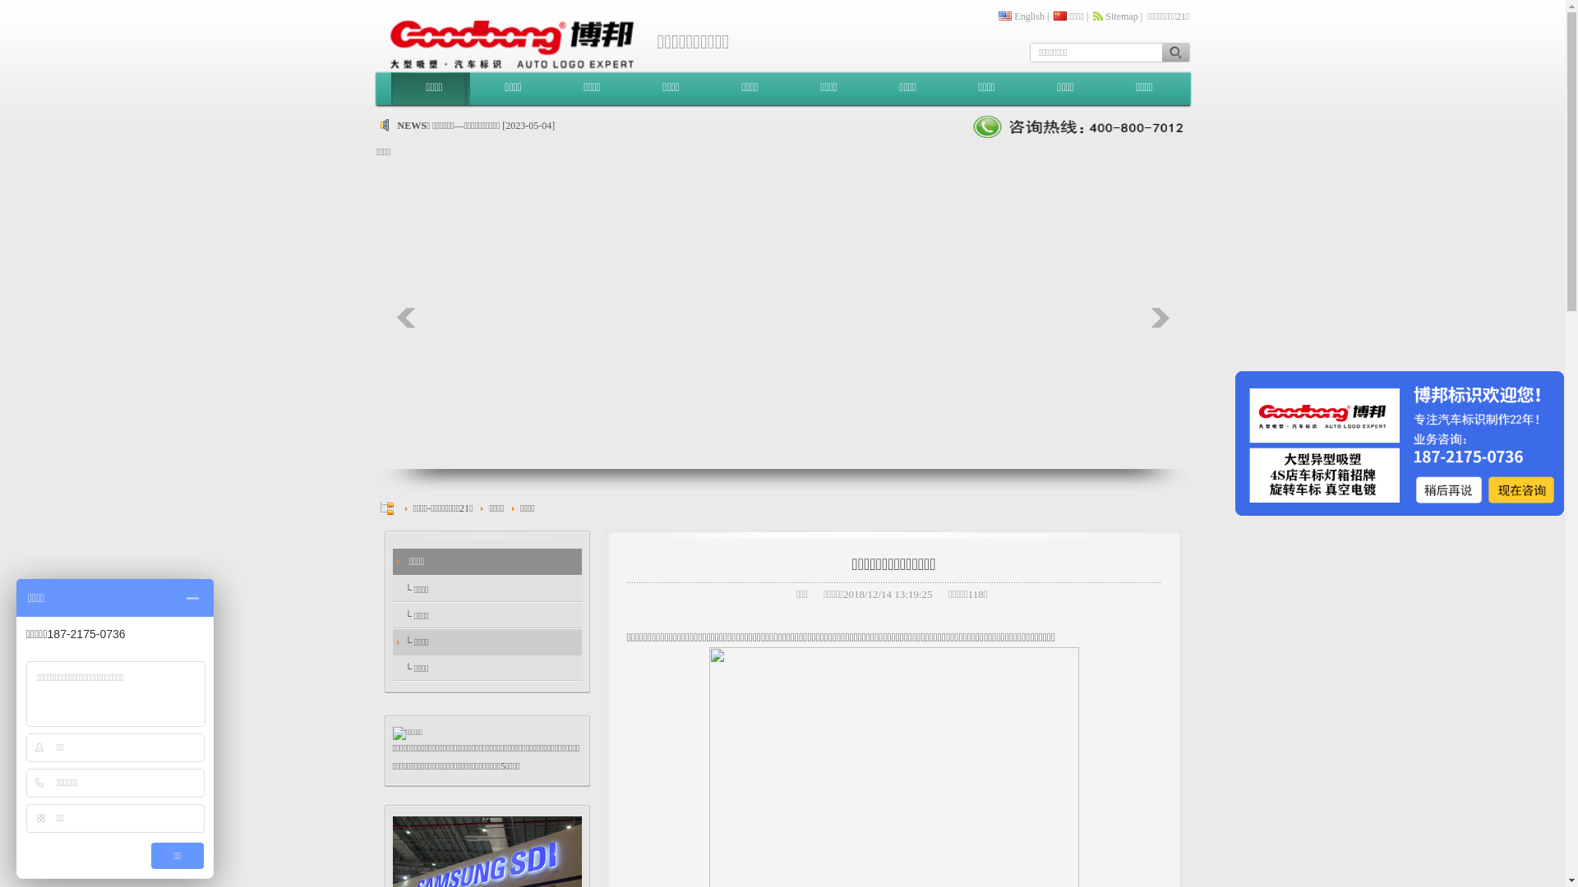 The image size is (1578, 887). I want to click on 'Sitemap', so click(1120, 16).